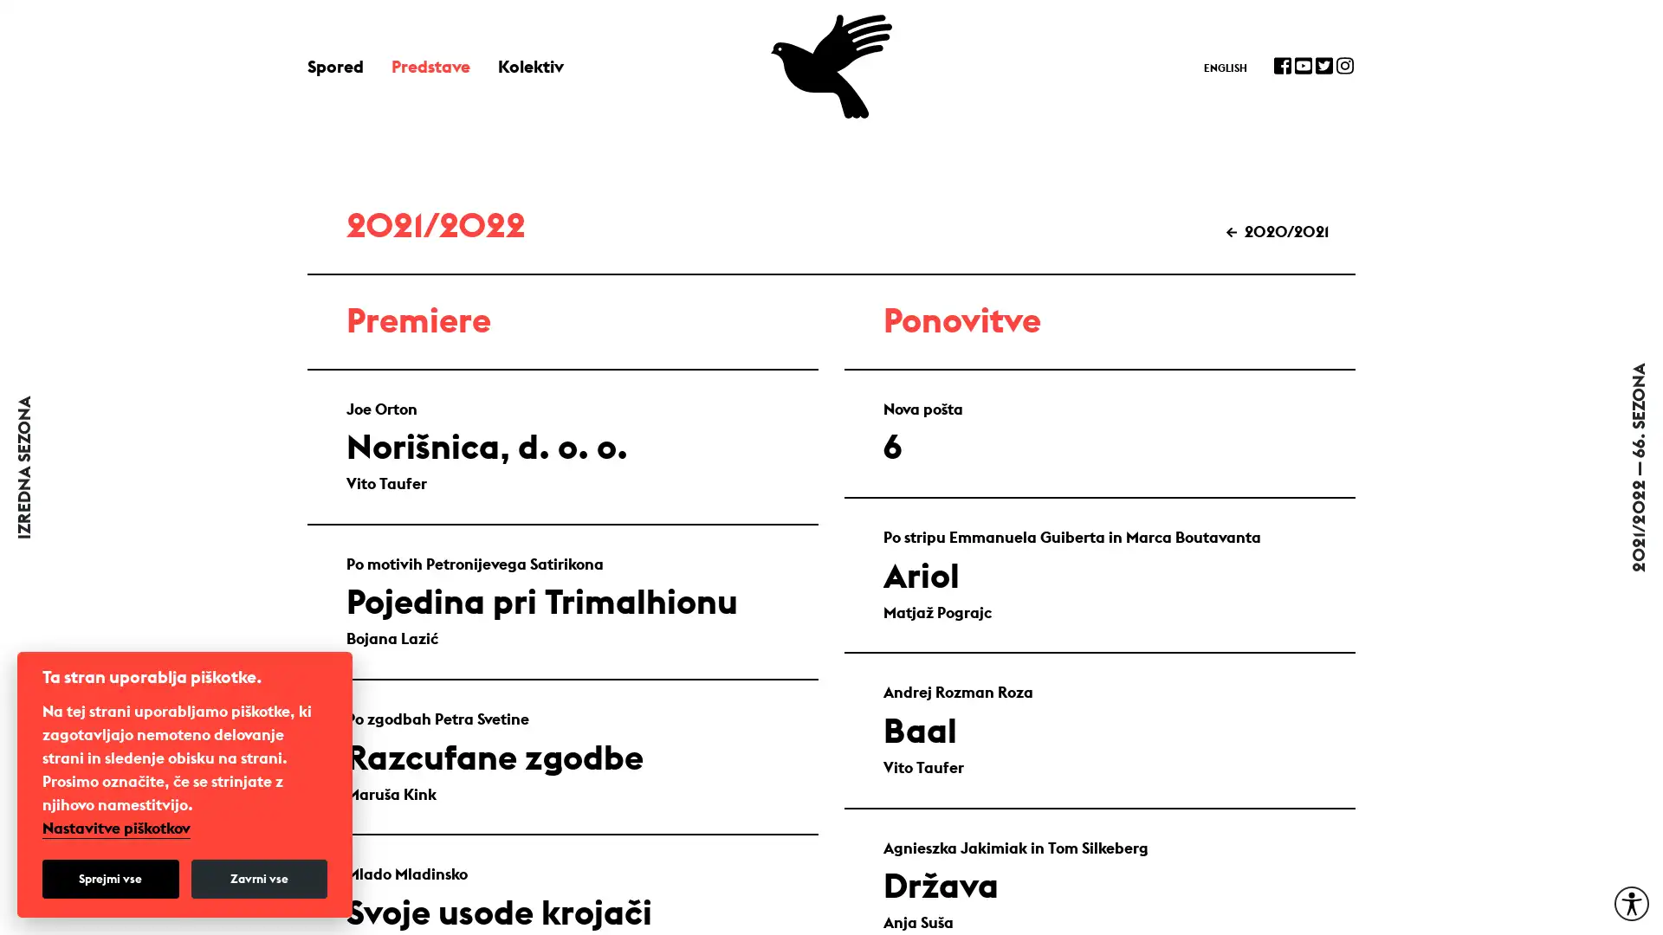 This screenshot has height=935, width=1663. What do you see at coordinates (108, 878) in the screenshot?
I see `Sprejmi vse` at bounding box center [108, 878].